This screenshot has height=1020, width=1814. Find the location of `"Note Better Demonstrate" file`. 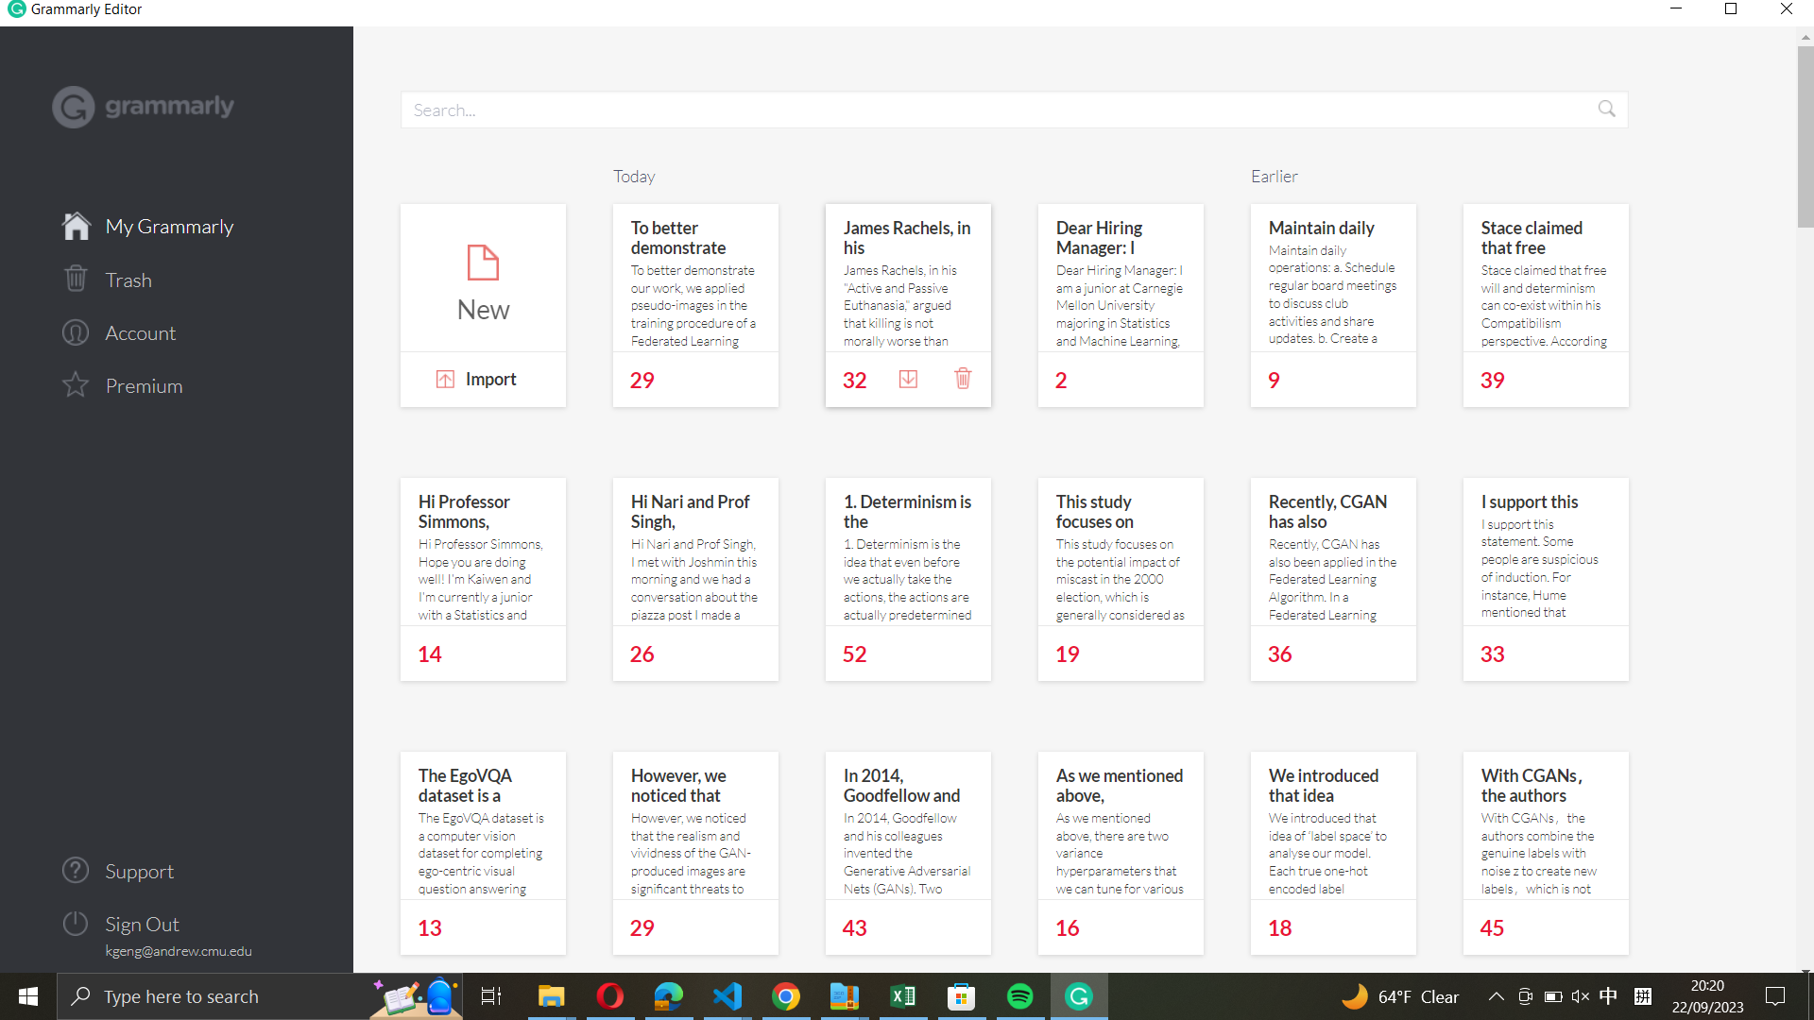

"Note Better Demonstrate" file is located at coordinates (693, 277).